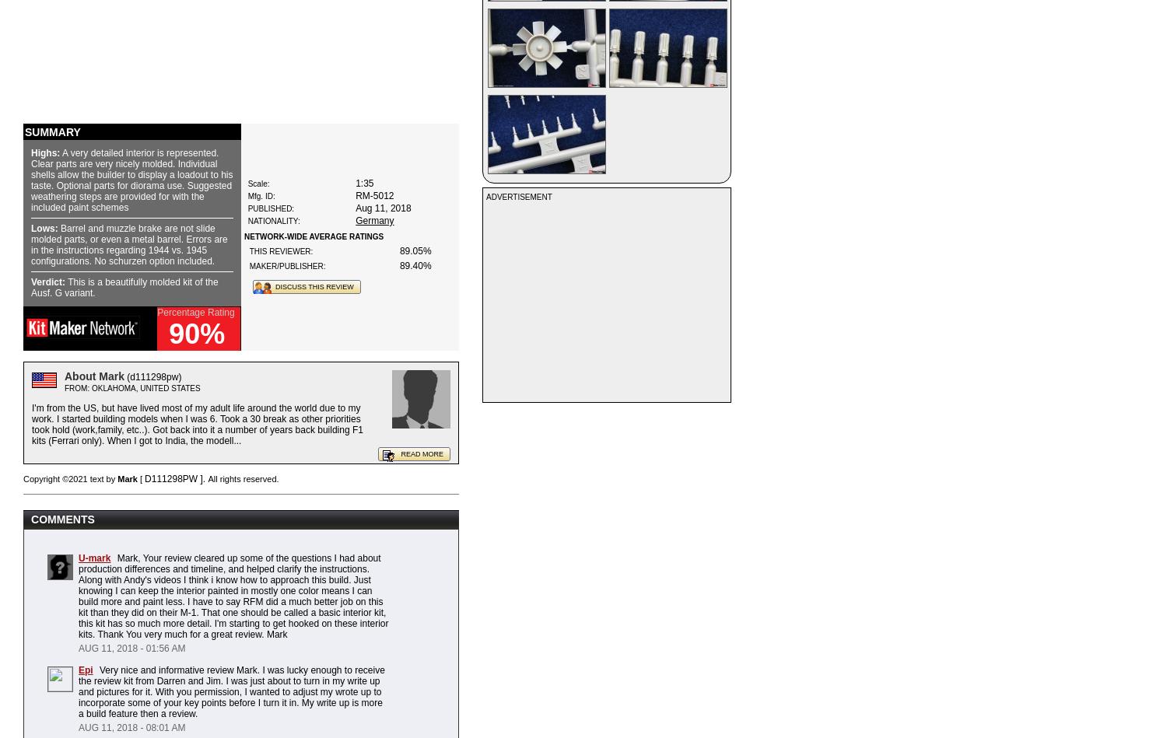 This screenshot has width=1167, height=738. I want to click on 'PUBLISHED:', so click(270, 208).